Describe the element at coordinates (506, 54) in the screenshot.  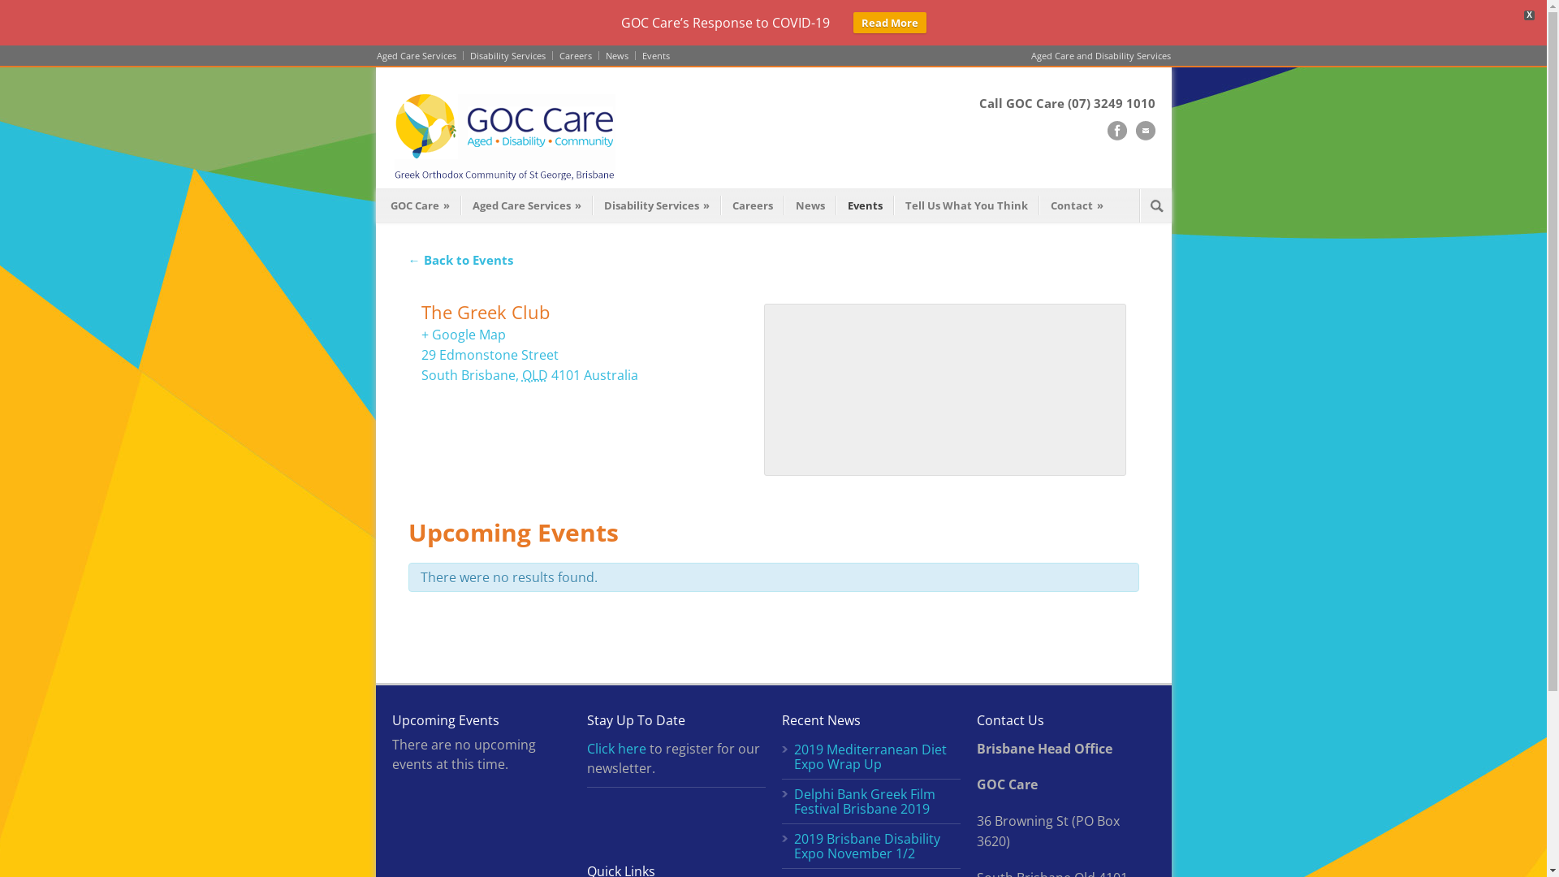
I see `'Disability Services'` at that location.